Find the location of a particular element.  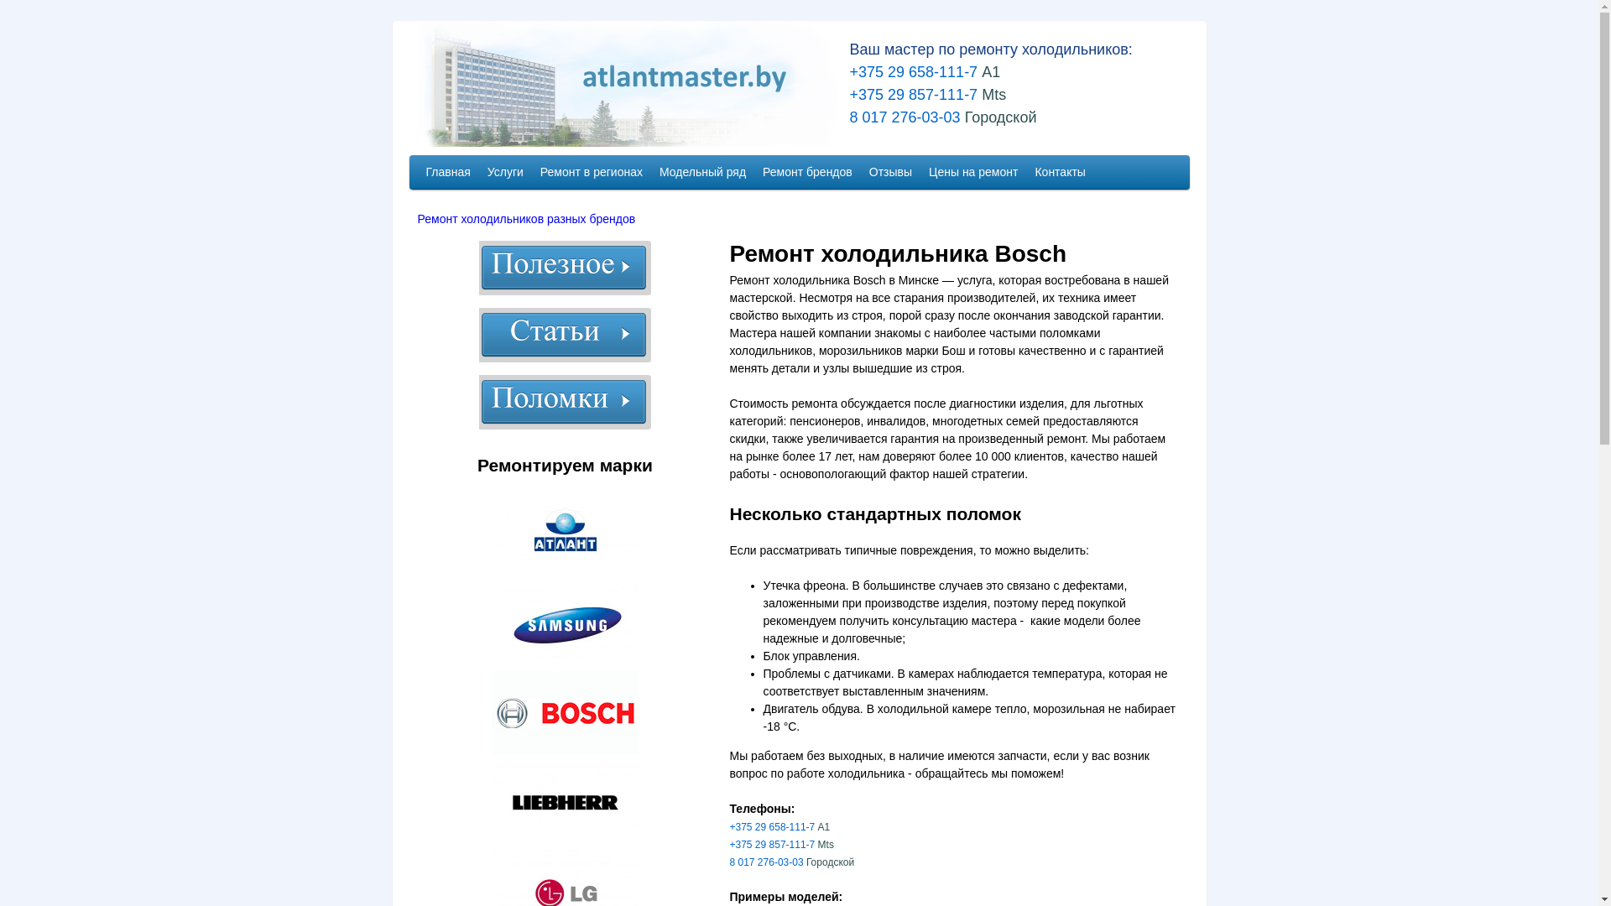

'   +375 29 658-111-7' is located at coordinates (906, 70).